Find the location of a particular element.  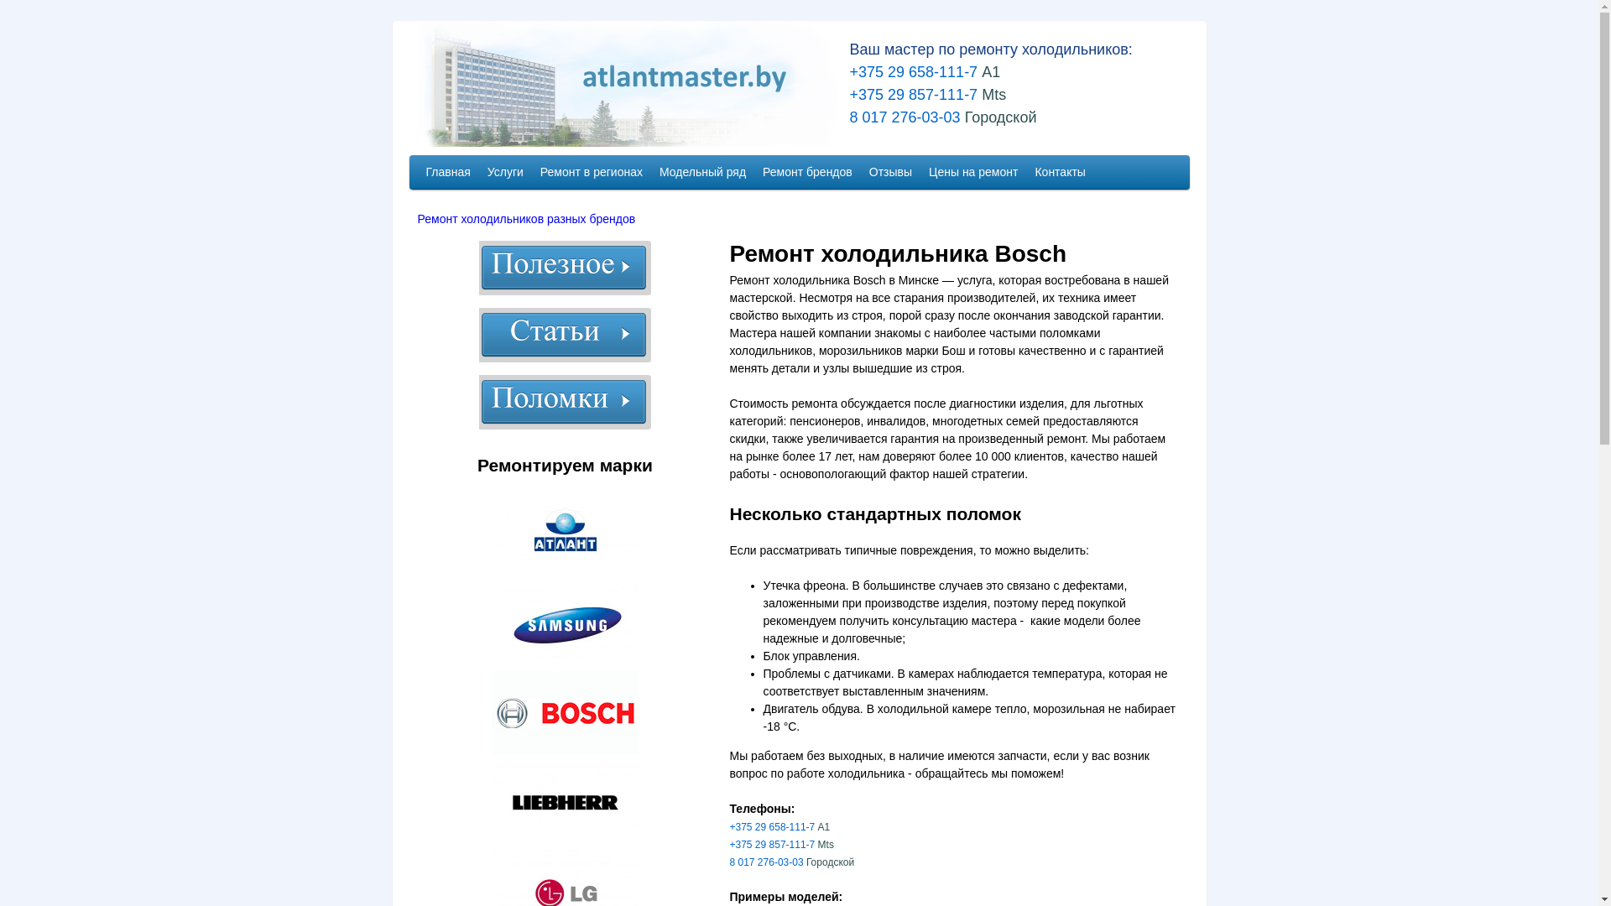

'   +375 29 658-111-7' is located at coordinates (906, 70).